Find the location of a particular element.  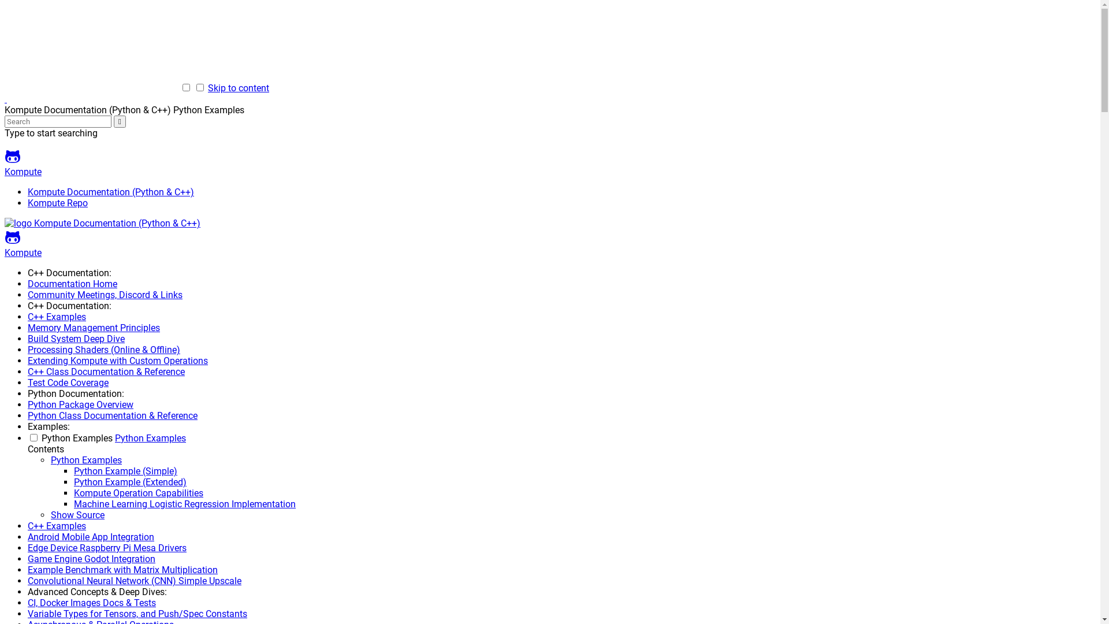

'Android Mobile App Integration' is located at coordinates (90, 537).